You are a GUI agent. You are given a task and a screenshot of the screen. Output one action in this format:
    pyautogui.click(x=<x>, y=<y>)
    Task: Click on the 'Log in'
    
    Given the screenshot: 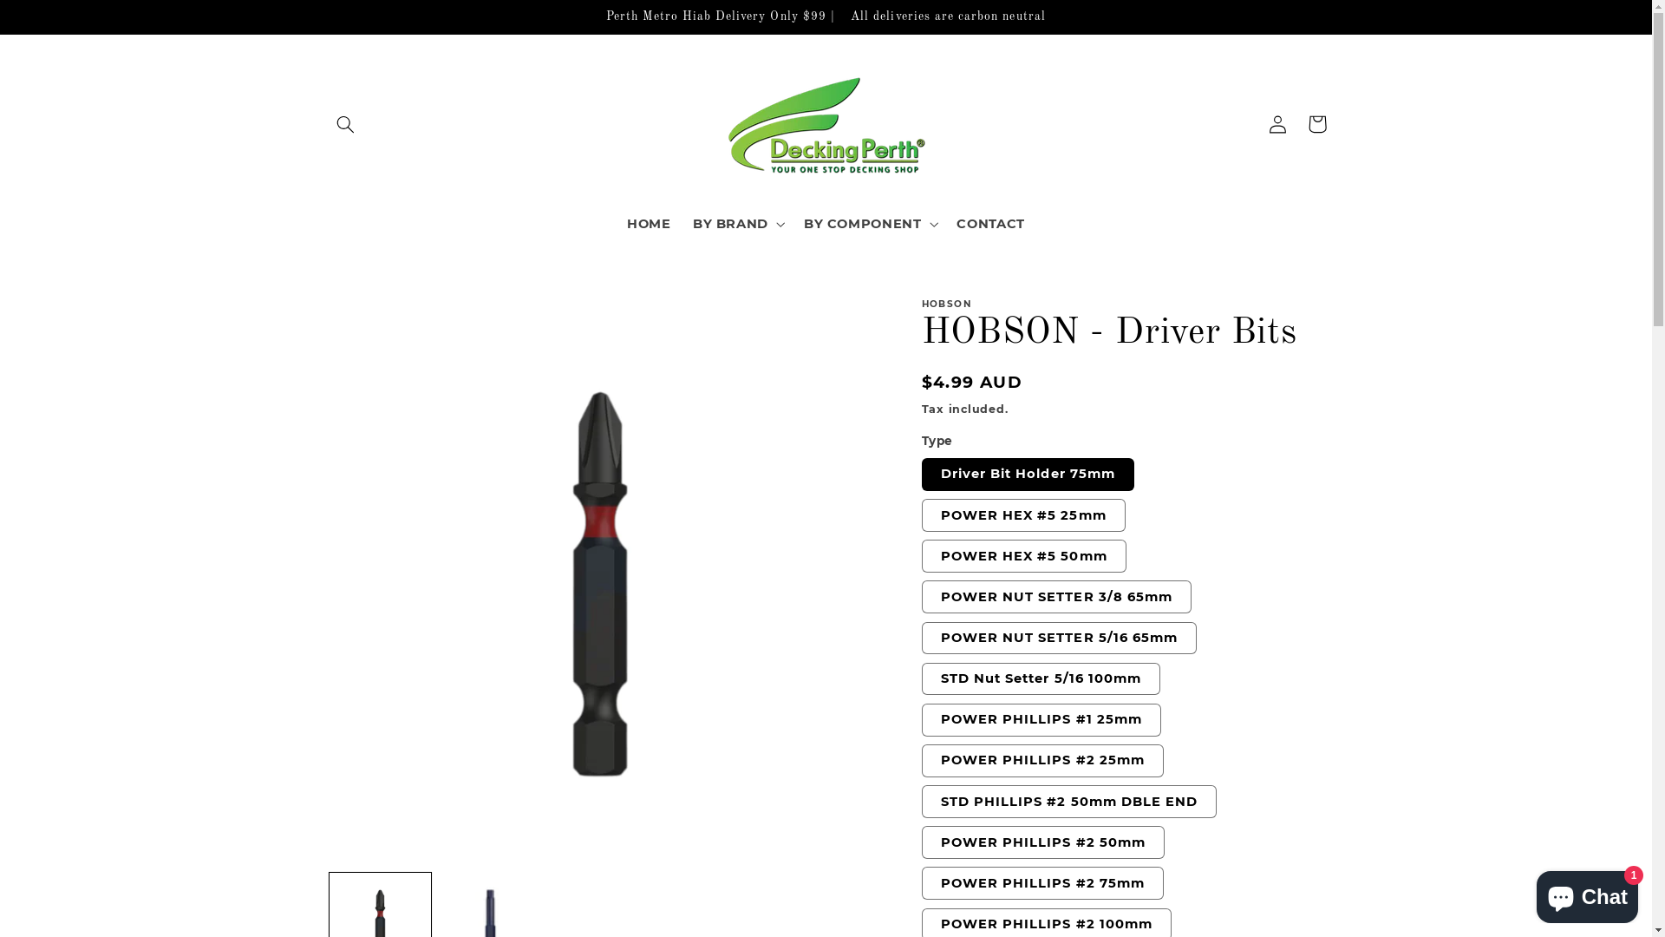 What is the action you would take?
    pyautogui.click(x=1277, y=122)
    